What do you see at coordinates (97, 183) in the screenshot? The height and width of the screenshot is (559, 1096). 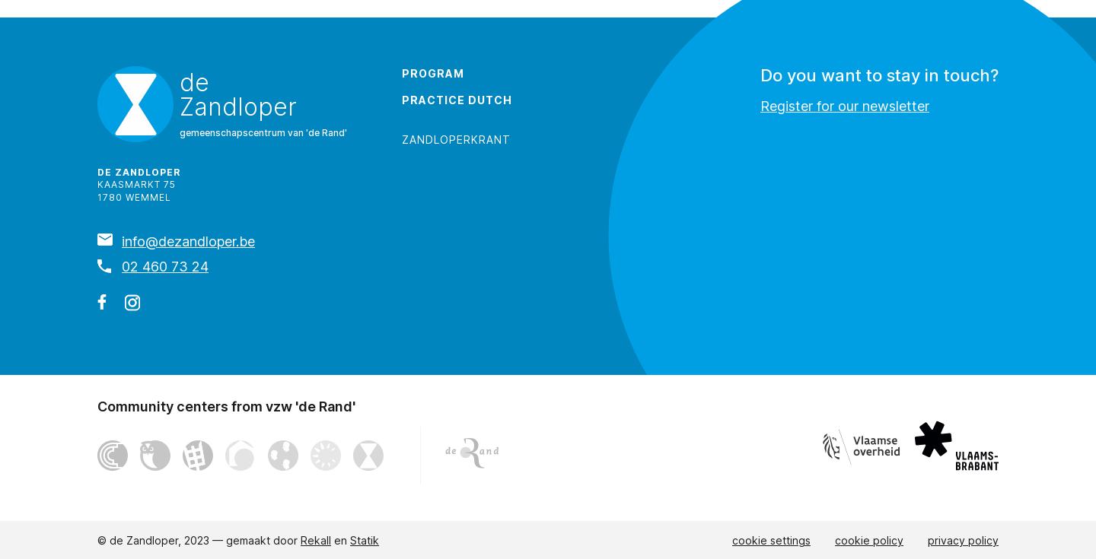 I see `'Kaasmarkt 75'` at bounding box center [97, 183].